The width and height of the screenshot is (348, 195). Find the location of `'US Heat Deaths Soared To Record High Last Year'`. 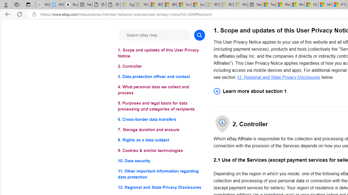

'US Heat Deaths Soared To Record High Last Year' is located at coordinates (311, 5).